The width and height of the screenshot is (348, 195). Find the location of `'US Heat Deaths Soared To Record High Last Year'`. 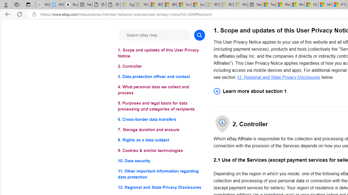

'US Heat Deaths Soared To Record High Last Year' is located at coordinates (311, 5).